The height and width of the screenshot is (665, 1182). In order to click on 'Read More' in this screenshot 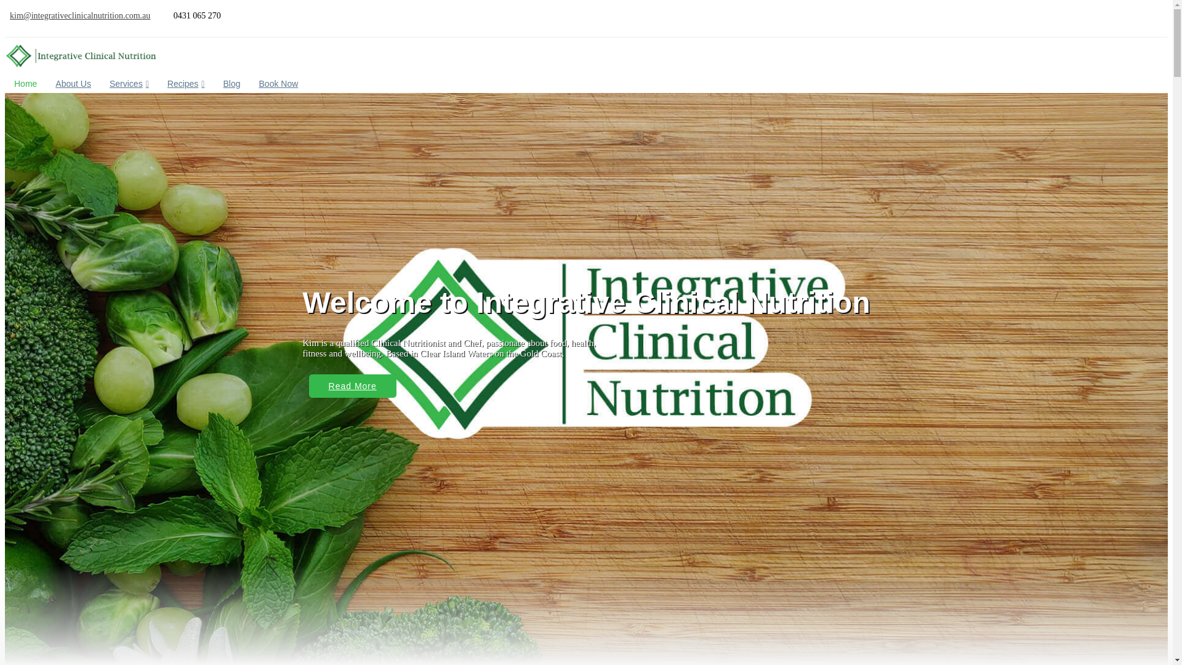, I will do `click(352, 385)`.